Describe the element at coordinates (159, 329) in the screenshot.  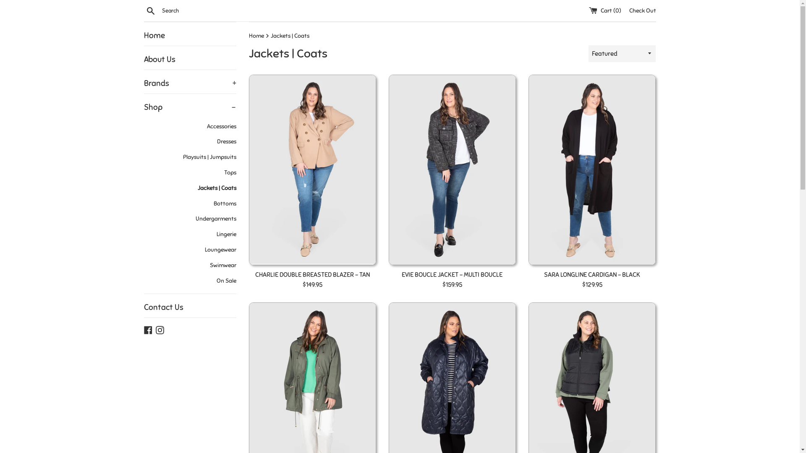
I see `'Instagram'` at that location.